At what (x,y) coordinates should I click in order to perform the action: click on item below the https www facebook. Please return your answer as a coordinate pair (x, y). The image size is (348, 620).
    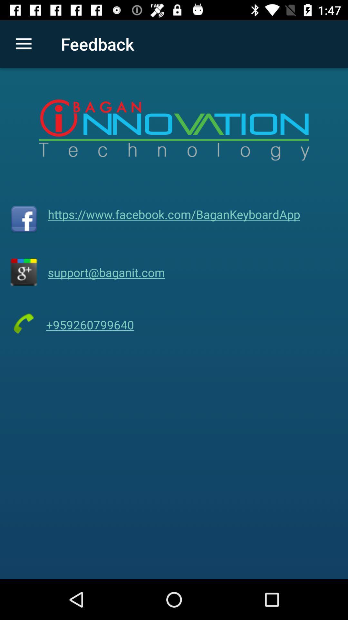
    Looking at the image, I should click on (106, 272).